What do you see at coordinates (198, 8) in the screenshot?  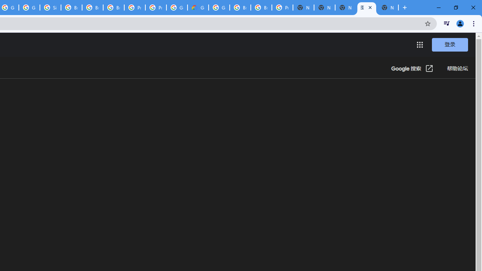 I see `'Google Cloud Estimate Summary'` at bounding box center [198, 8].